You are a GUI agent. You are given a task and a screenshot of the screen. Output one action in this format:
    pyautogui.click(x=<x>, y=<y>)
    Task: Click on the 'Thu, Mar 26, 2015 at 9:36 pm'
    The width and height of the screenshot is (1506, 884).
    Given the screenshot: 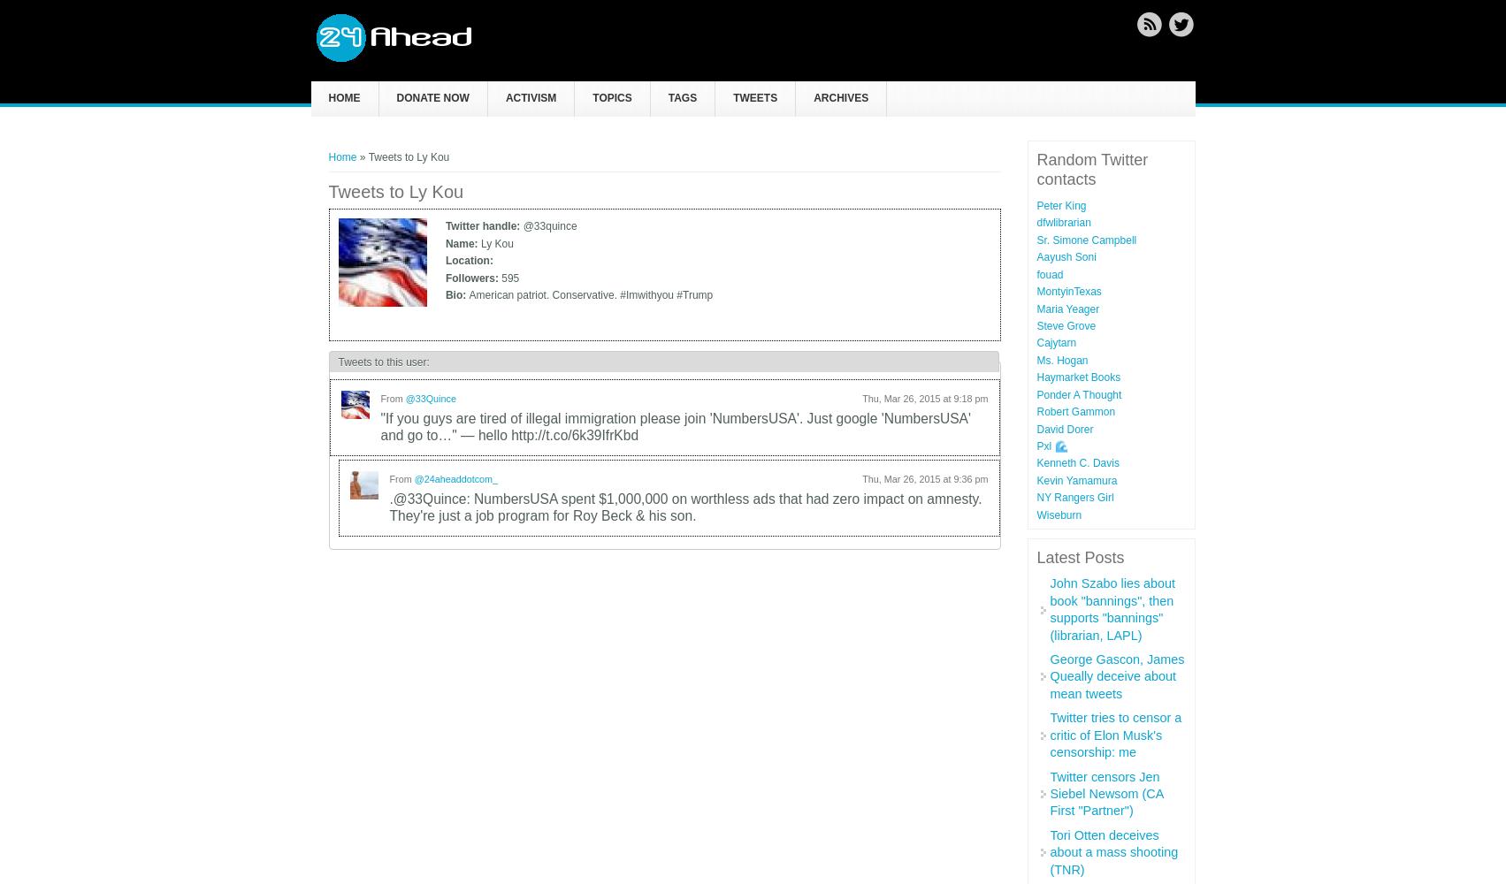 What is the action you would take?
    pyautogui.click(x=860, y=478)
    